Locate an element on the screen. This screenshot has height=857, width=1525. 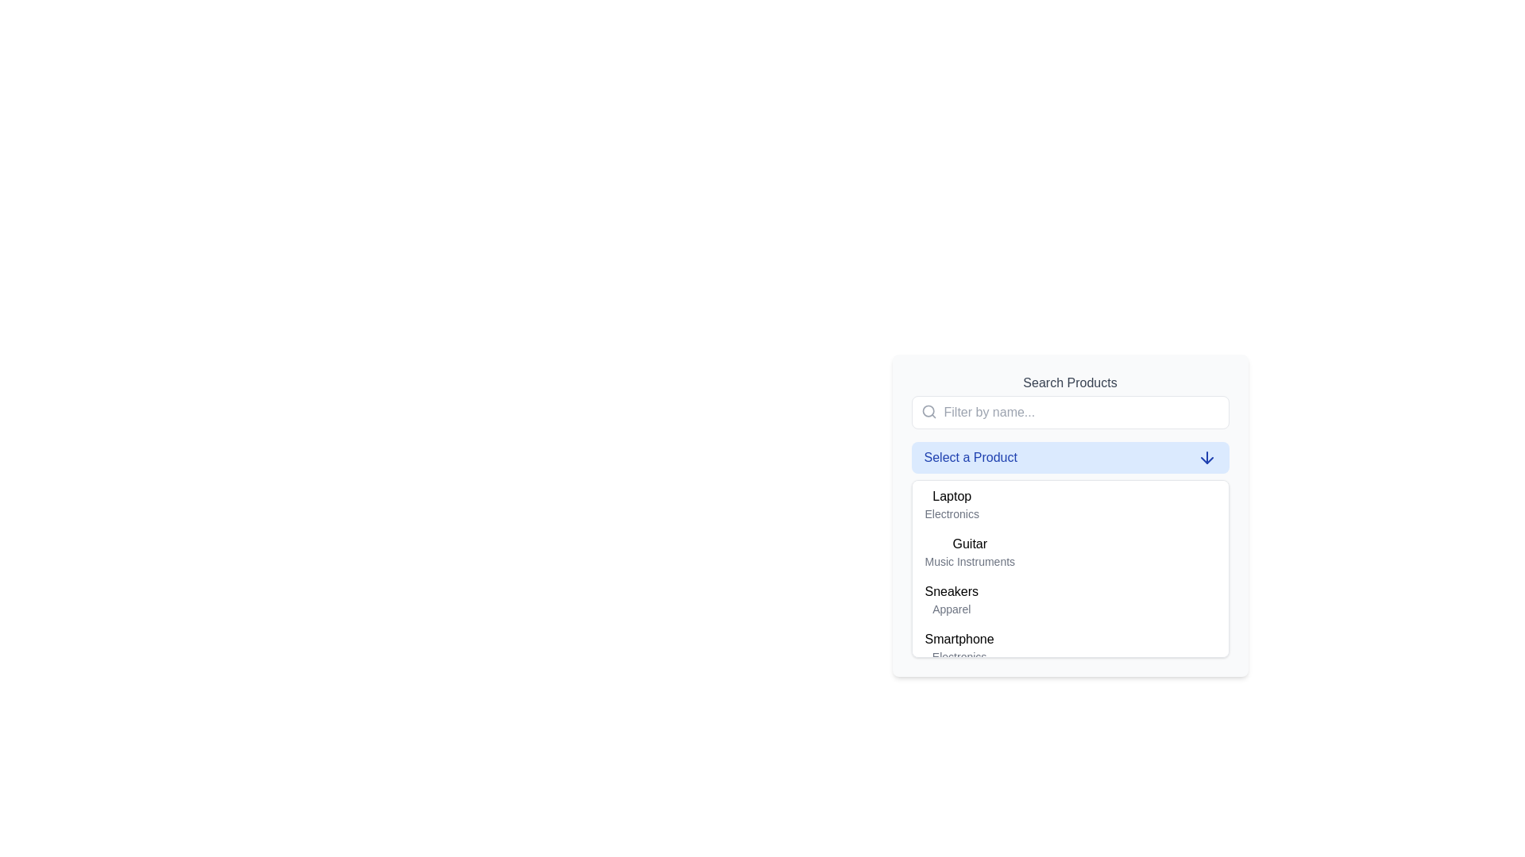
the text label displaying 'Apparel', which is styled in small, gray font and is located under the 'Sneakers' item in the product categories list is located at coordinates (952, 608).